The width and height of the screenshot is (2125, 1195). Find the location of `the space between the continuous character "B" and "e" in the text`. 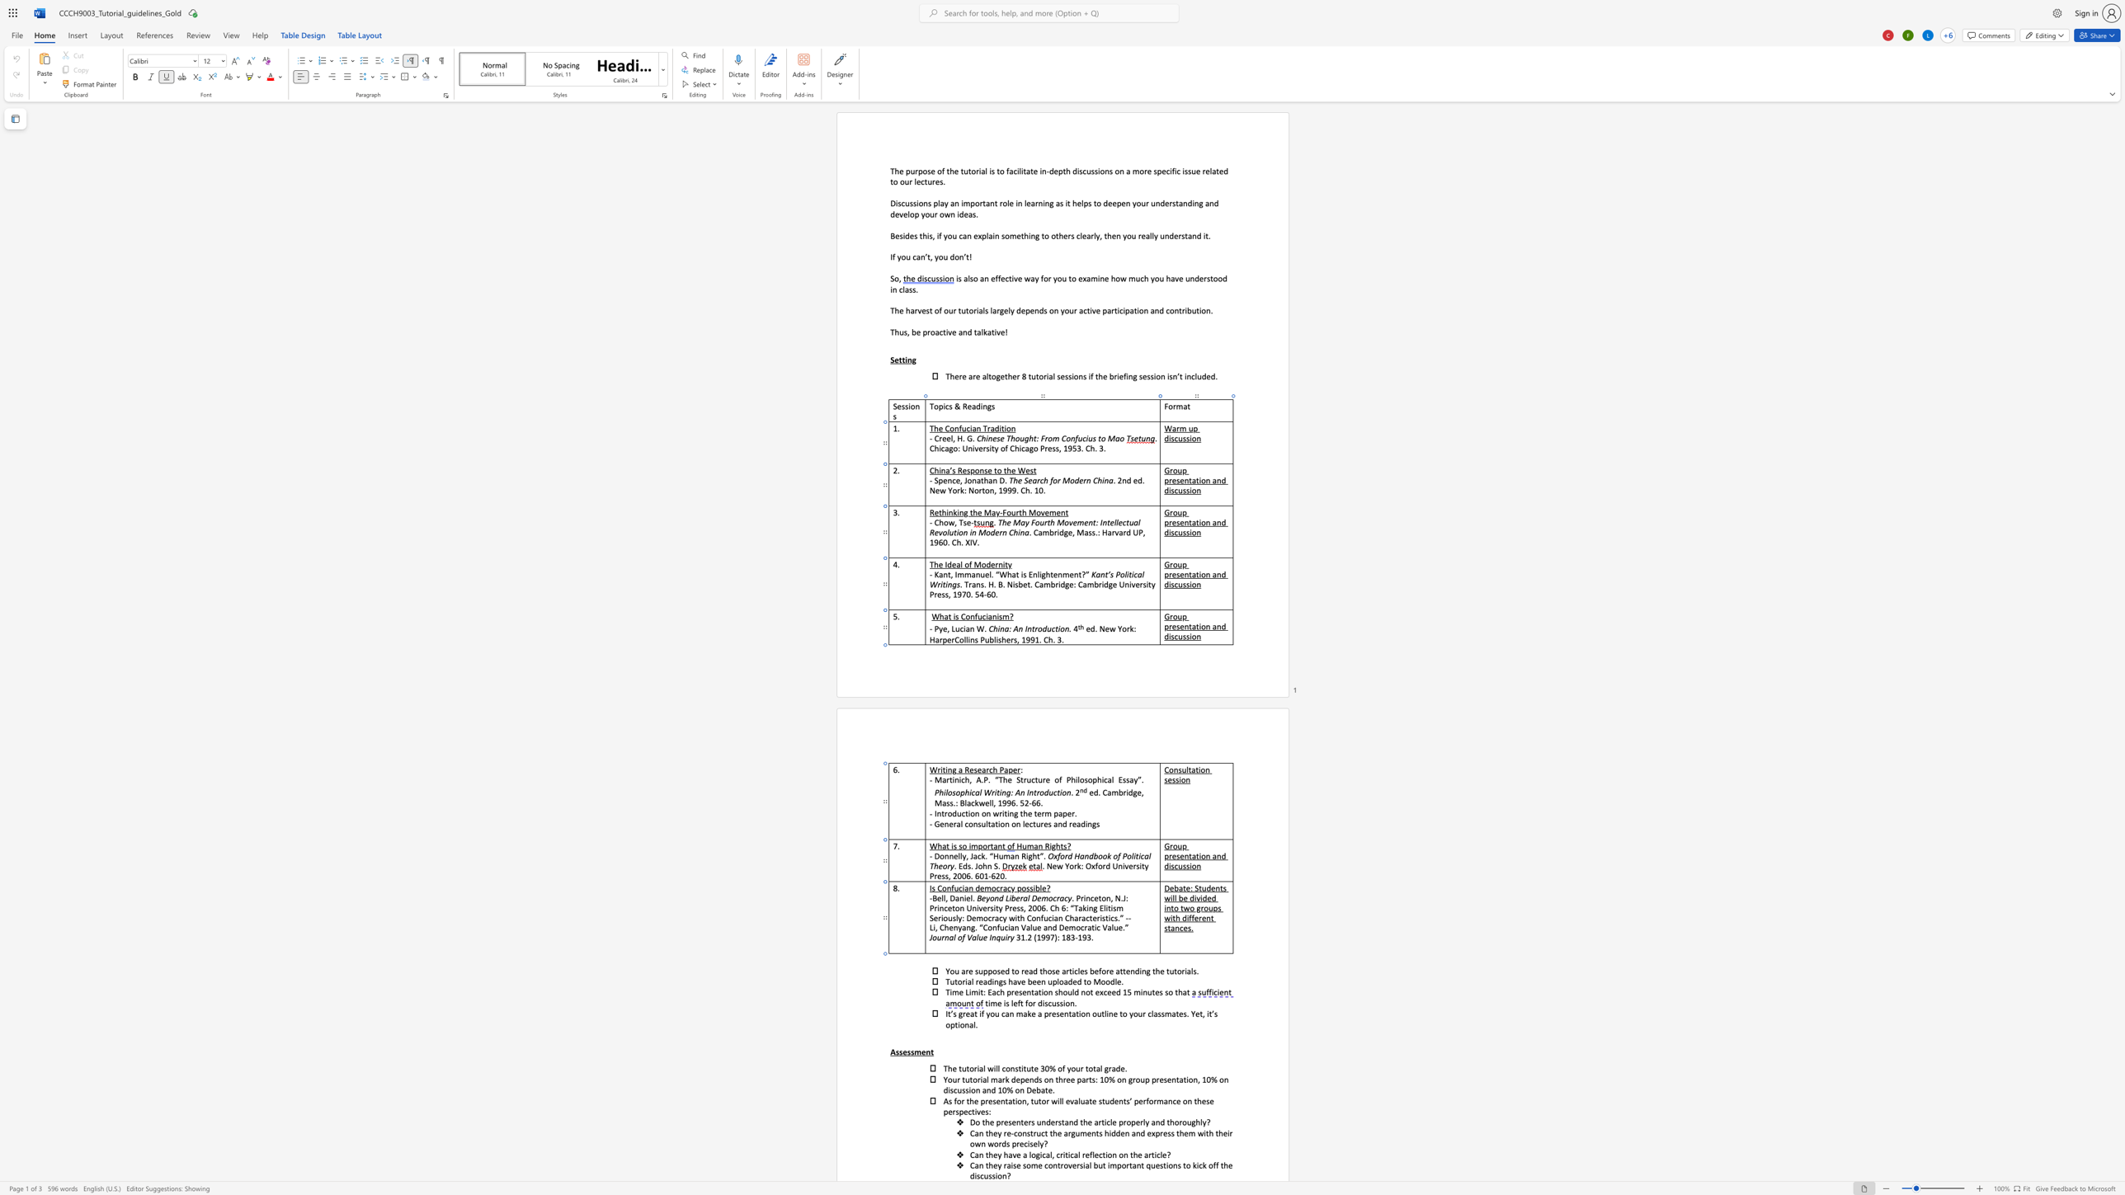

the space between the continuous character "B" and "e" in the text is located at coordinates (935, 897).